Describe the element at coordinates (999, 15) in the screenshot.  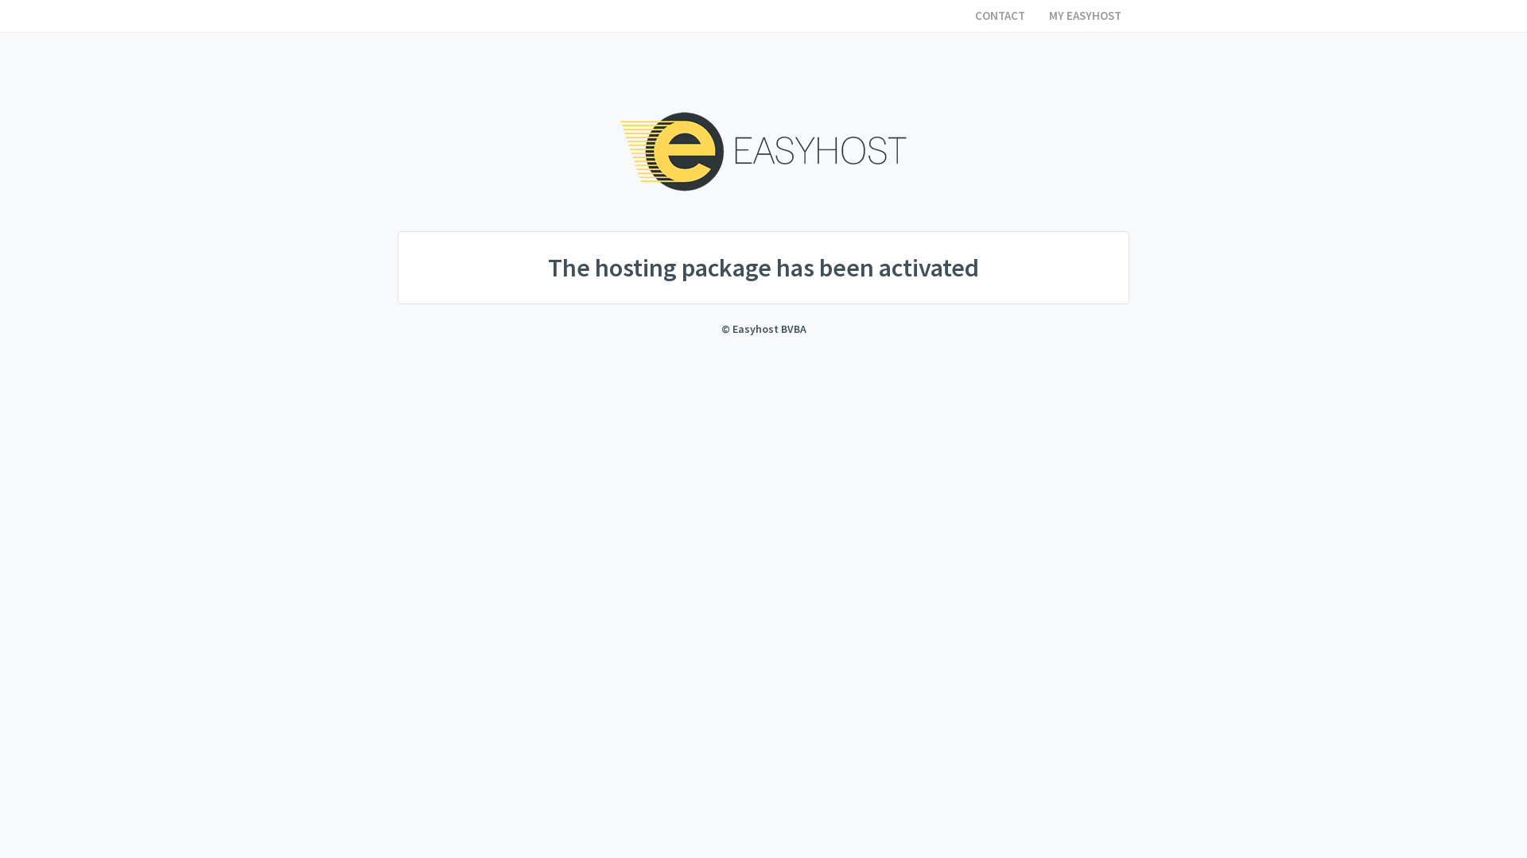
I see `'CONTACT'` at that location.